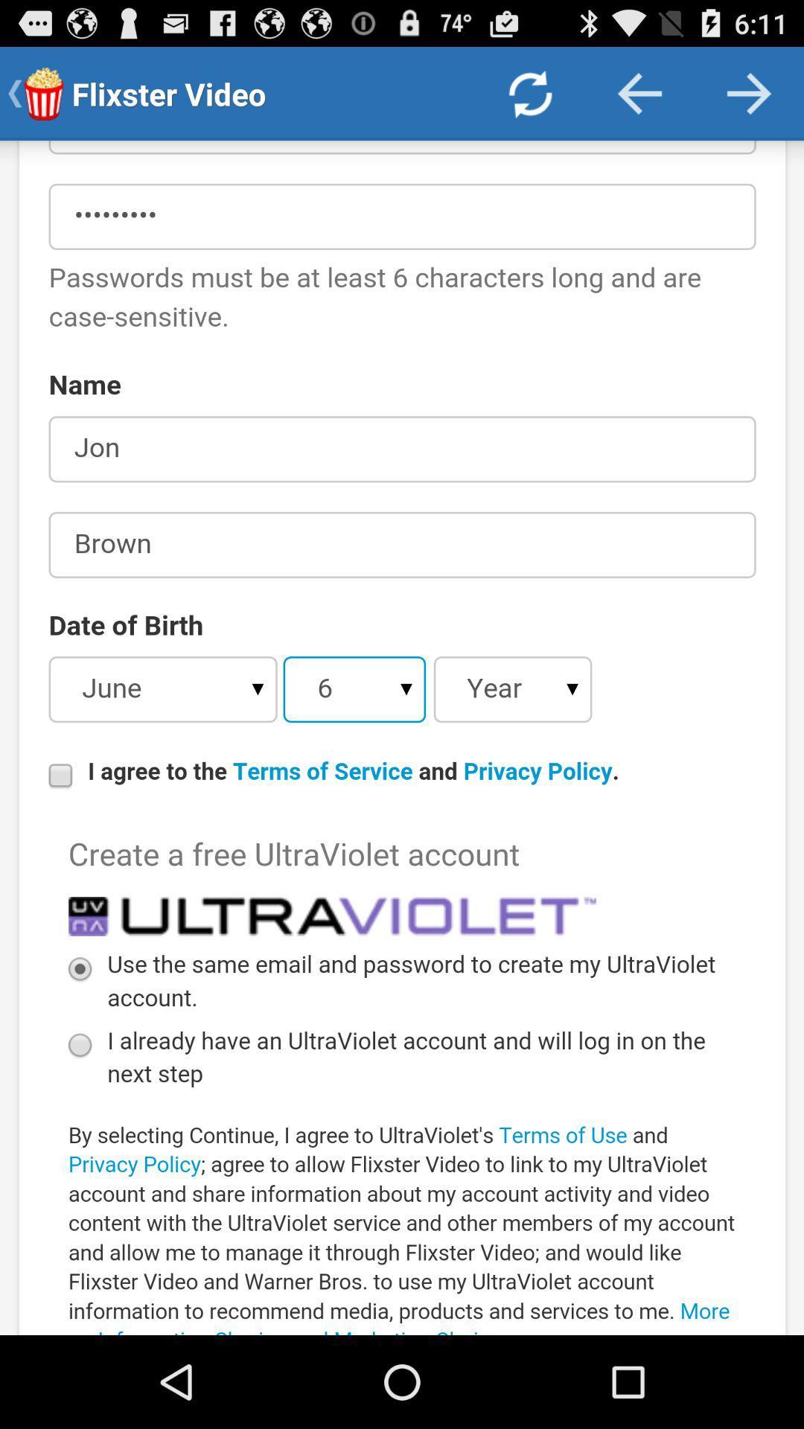 This screenshot has height=1429, width=804. I want to click on registration information, so click(402, 738).